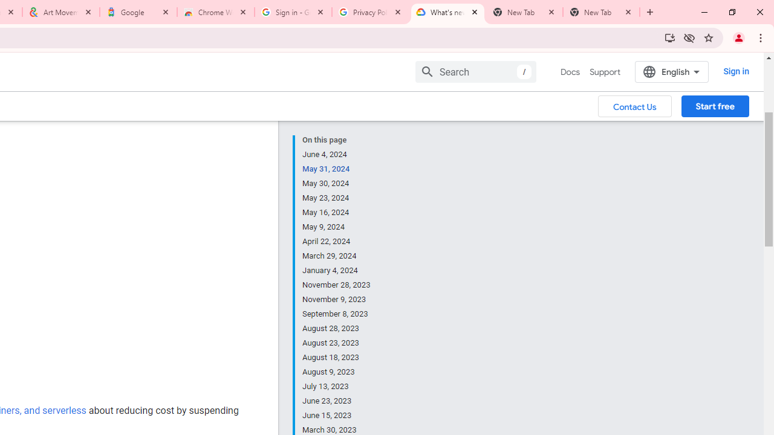 The image size is (774, 435). I want to click on 'Google', so click(138, 12).